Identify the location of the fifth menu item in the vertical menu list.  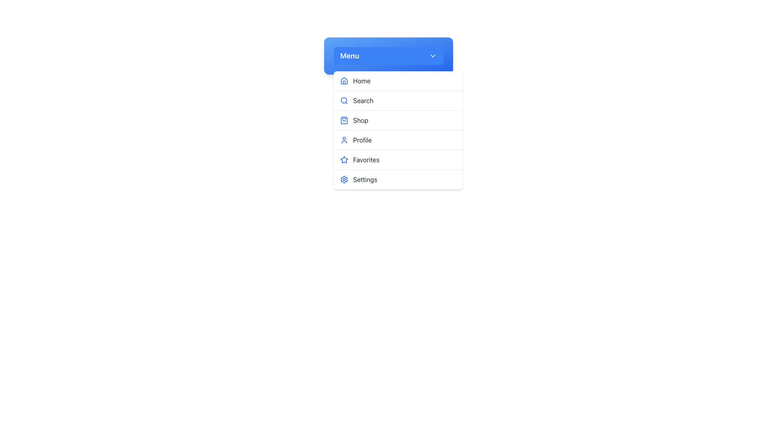
(398, 160).